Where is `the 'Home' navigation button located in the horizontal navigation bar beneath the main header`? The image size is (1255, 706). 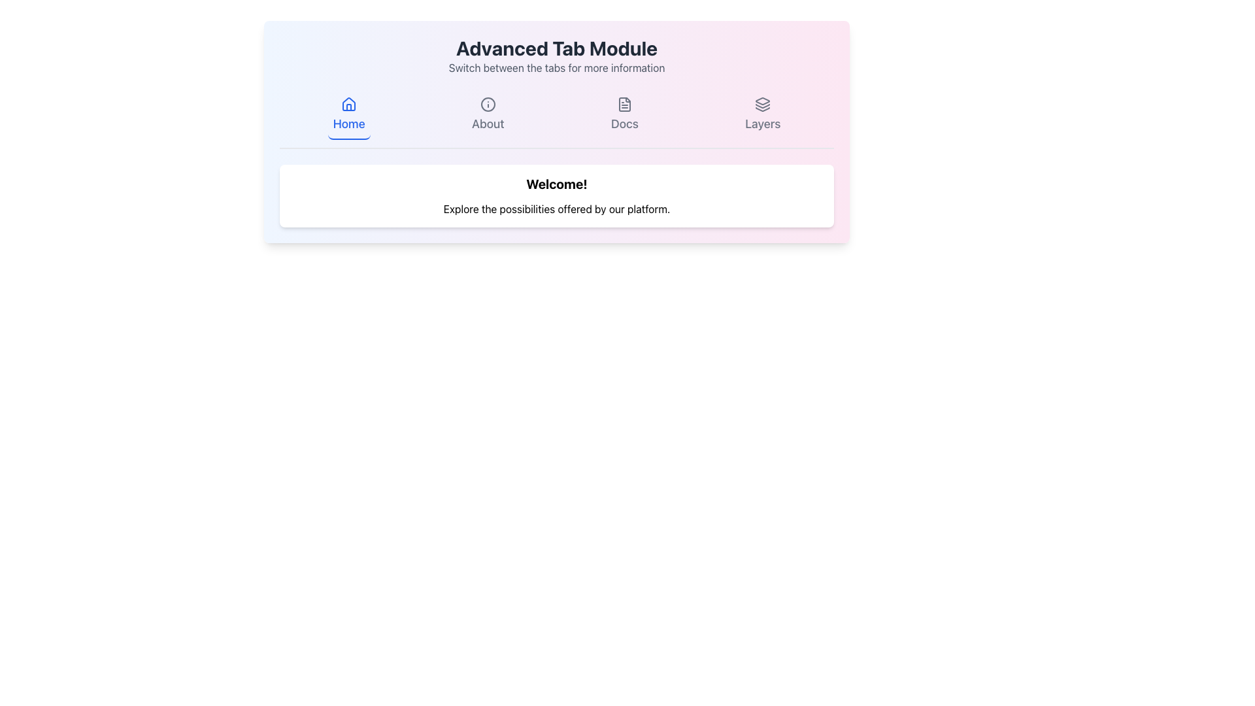 the 'Home' navigation button located in the horizontal navigation bar beneath the main header is located at coordinates (348, 115).